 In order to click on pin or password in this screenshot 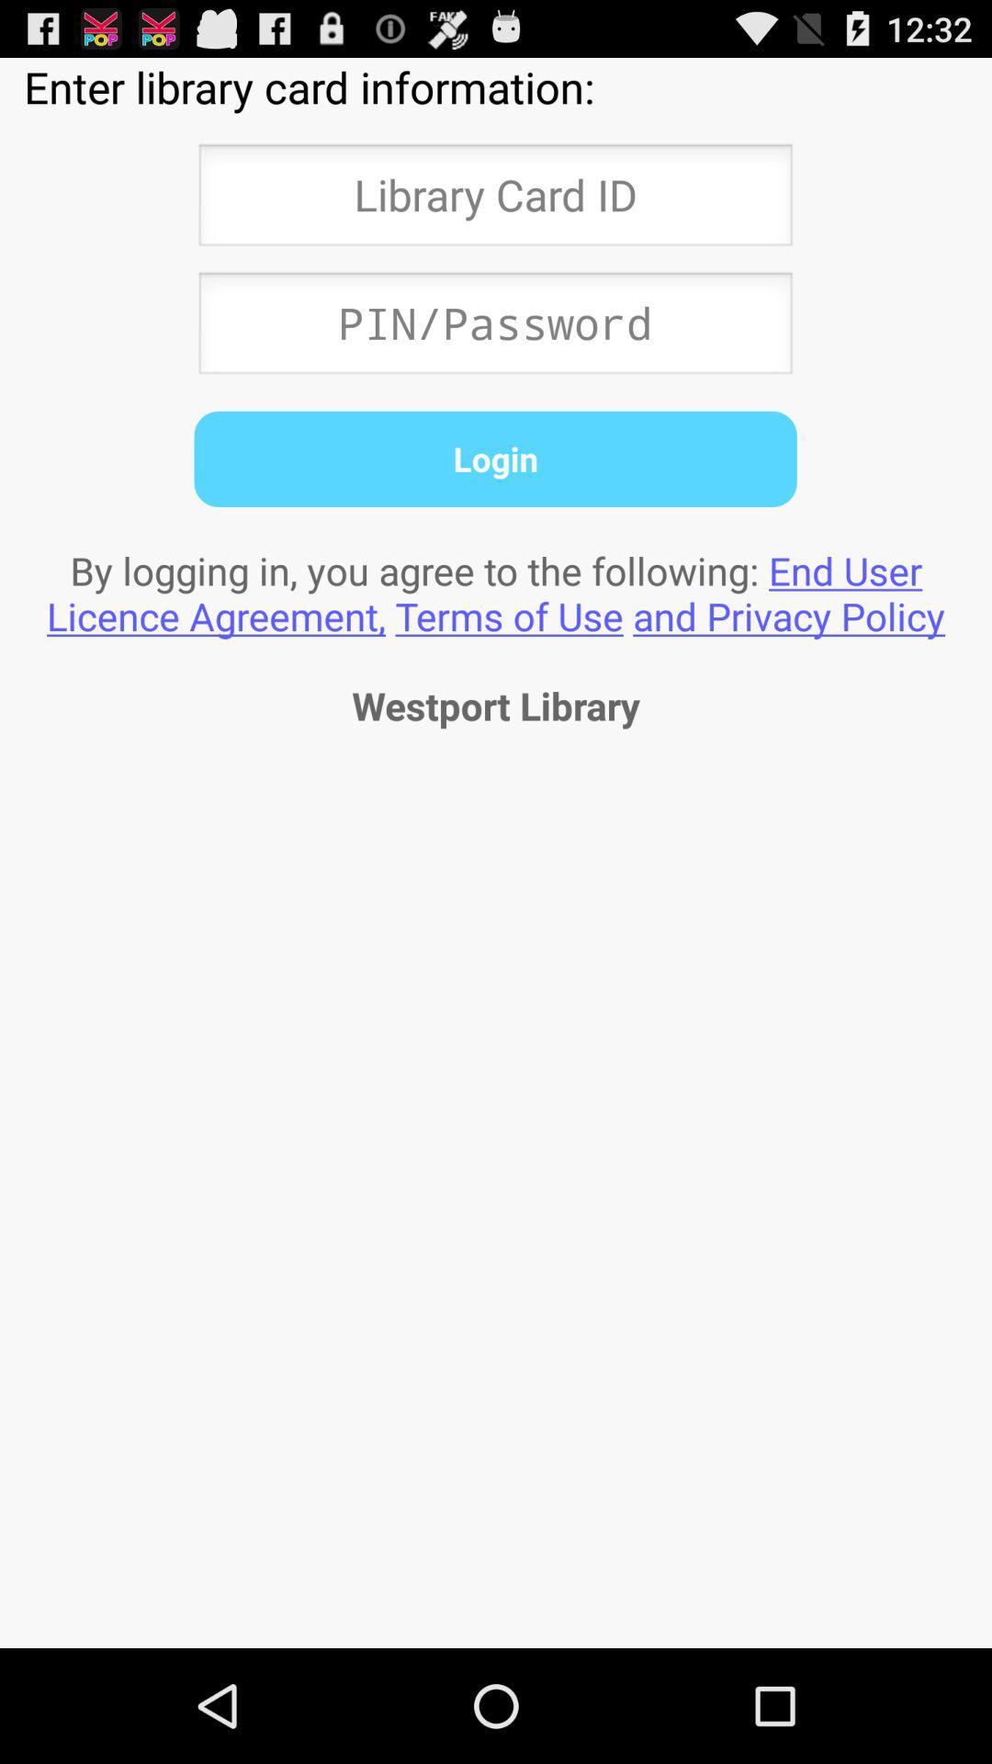, I will do `click(494, 328)`.